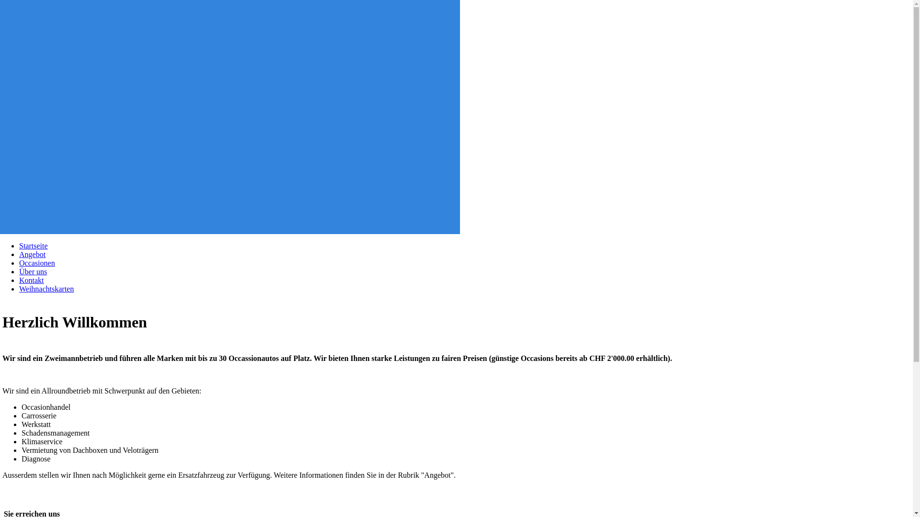 The image size is (920, 517). I want to click on 'Startseite', so click(34, 245).